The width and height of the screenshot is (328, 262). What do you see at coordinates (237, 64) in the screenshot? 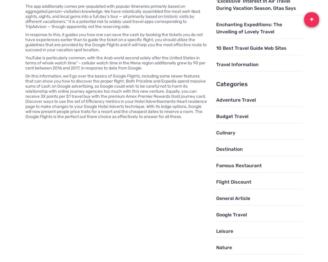
I see `'Travel Information'` at bounding box center [237, 64].